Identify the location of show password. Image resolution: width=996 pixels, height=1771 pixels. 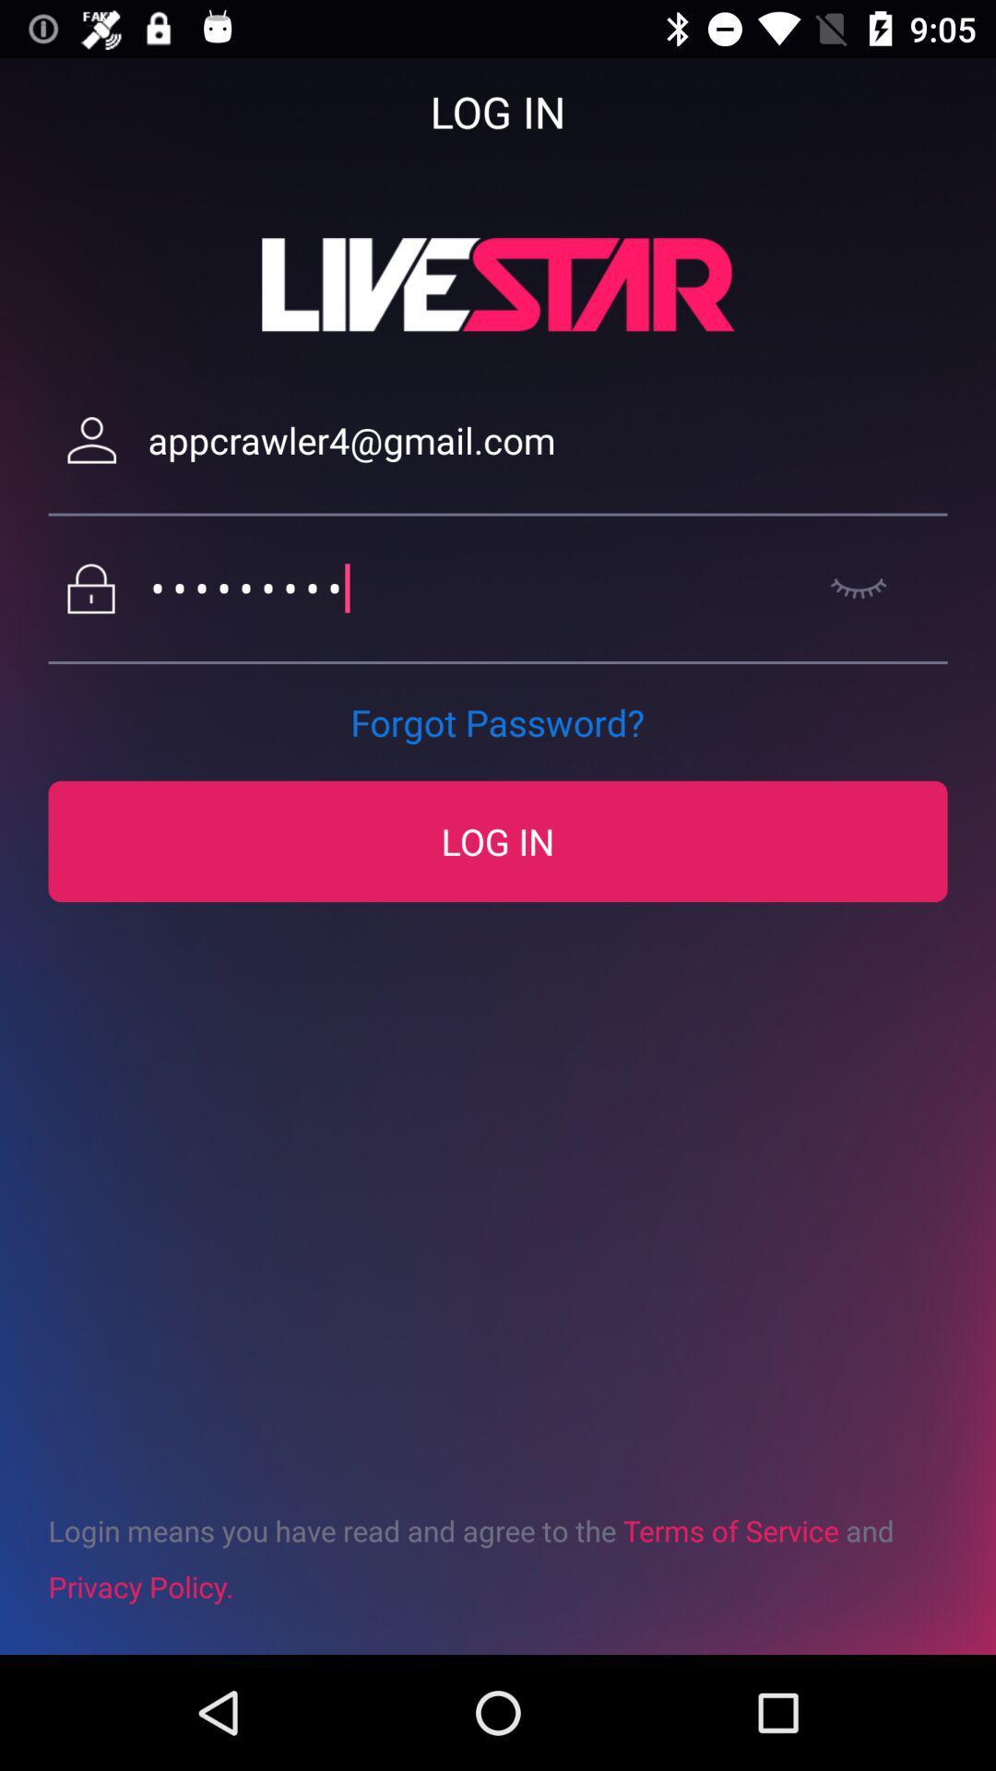
(859, 588).